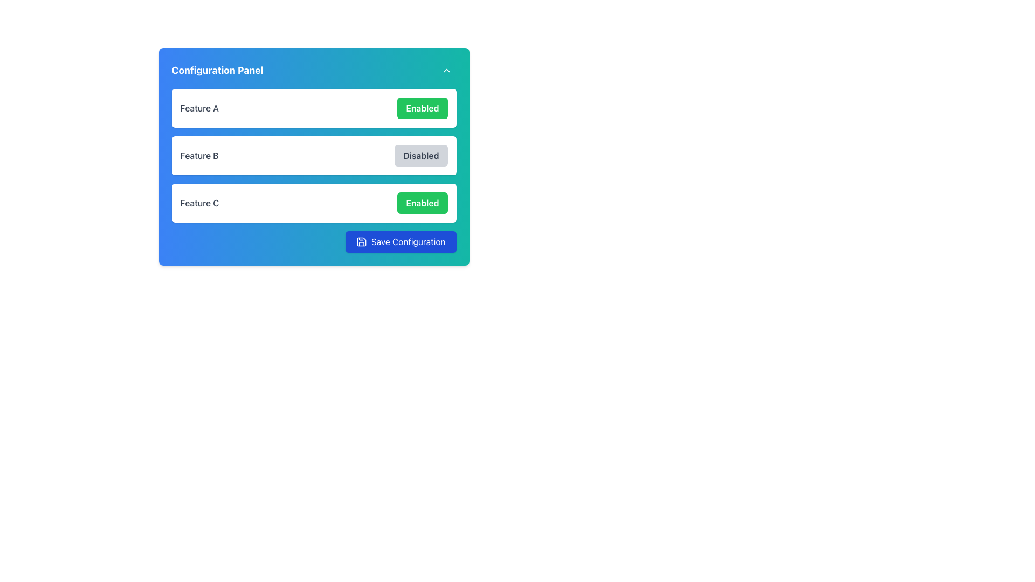 This screenshot has width=1035, height=582. What do you see at coordinates (313, 156) in the screenshot?
I see `status of 'Feature B' displayed in the Information Panel, which is currently 'Disabled'` at bounding box center [313, 156].